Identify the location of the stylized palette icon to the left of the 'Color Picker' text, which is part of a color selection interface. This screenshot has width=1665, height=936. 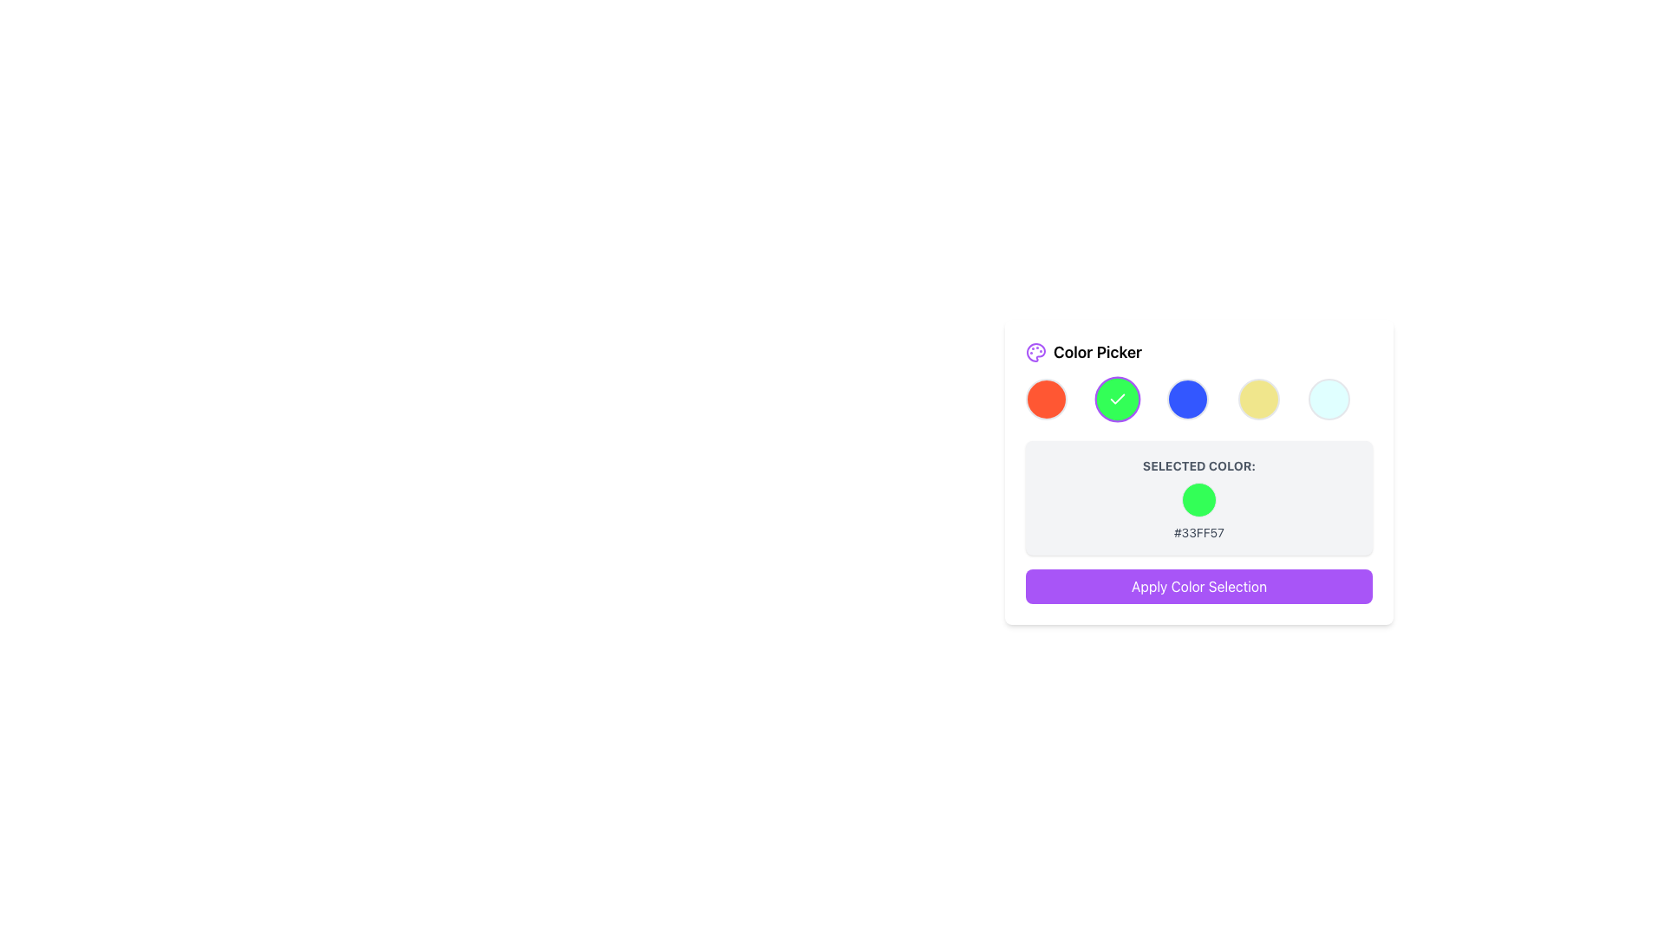
(1036, 352).